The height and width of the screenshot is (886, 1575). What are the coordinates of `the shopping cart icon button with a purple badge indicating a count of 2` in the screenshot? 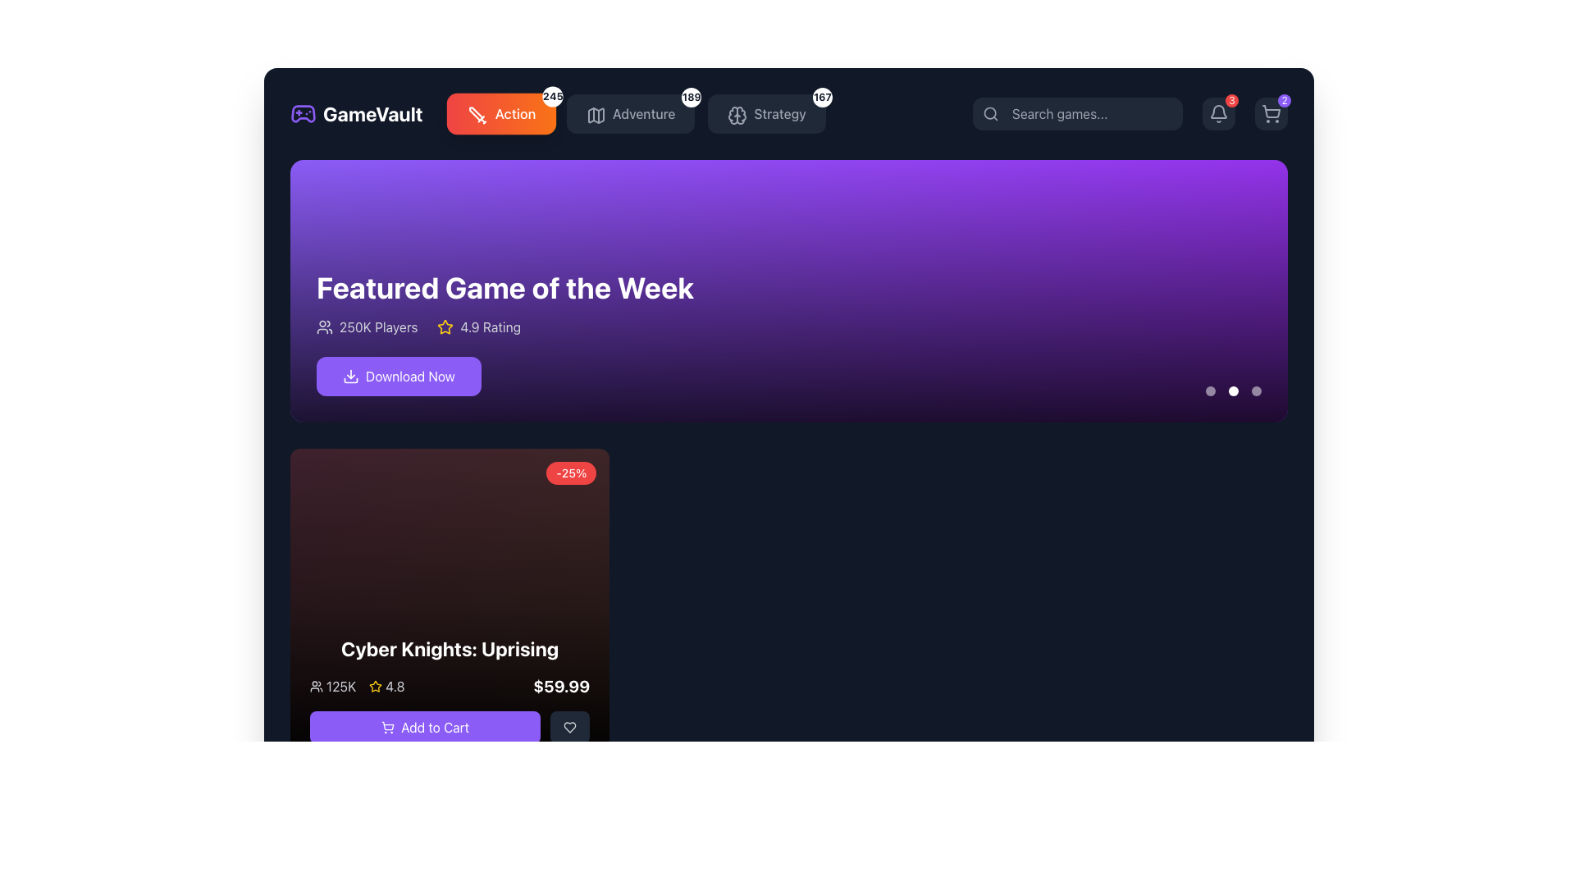 It's located at (1271, 112).